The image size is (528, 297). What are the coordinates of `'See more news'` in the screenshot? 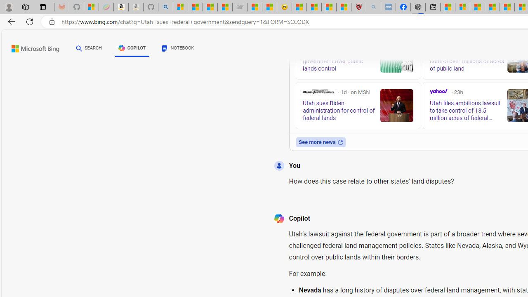 It's located at (320, 141).